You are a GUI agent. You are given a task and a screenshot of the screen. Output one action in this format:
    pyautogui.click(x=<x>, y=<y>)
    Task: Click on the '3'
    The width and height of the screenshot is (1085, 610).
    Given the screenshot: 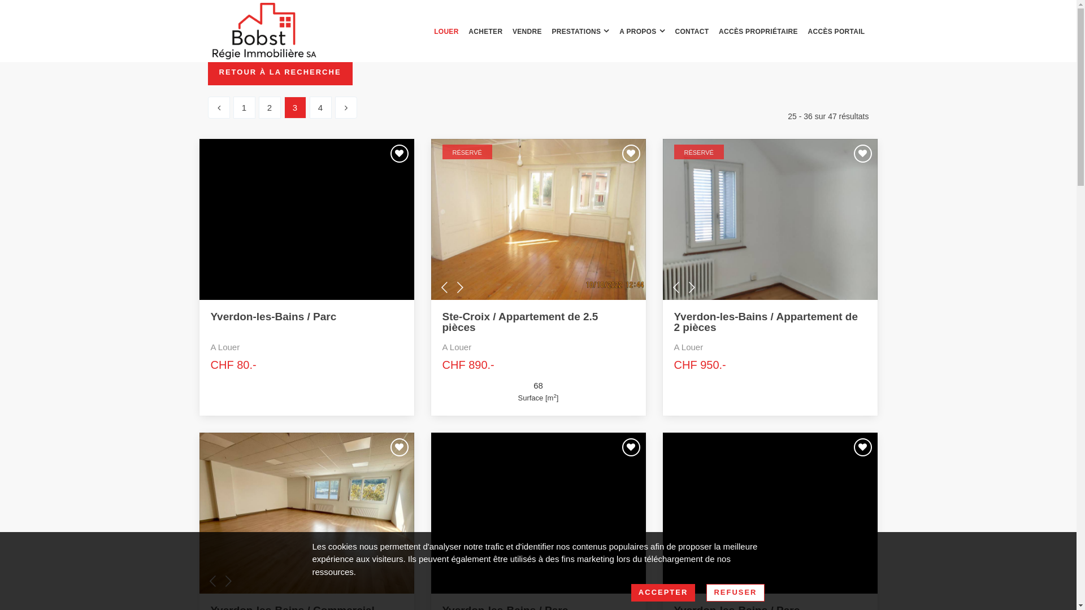 What is the action you would take?
    pyautogui.click(x=294, y=107)
    